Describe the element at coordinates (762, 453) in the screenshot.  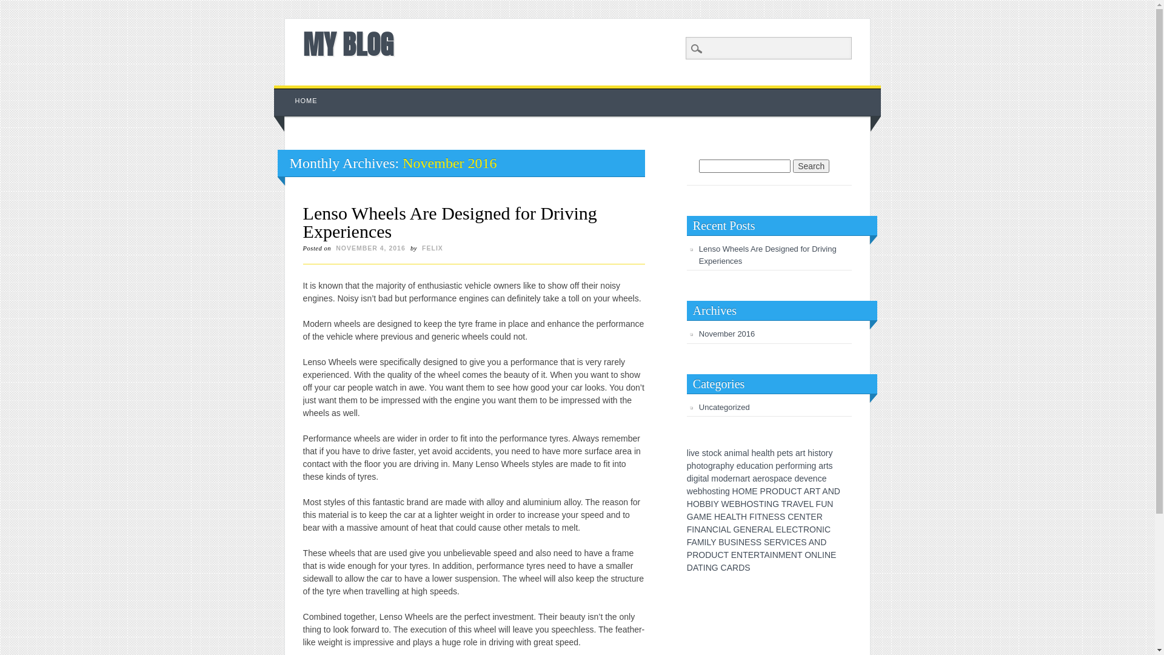
I see `'a'` at that location.